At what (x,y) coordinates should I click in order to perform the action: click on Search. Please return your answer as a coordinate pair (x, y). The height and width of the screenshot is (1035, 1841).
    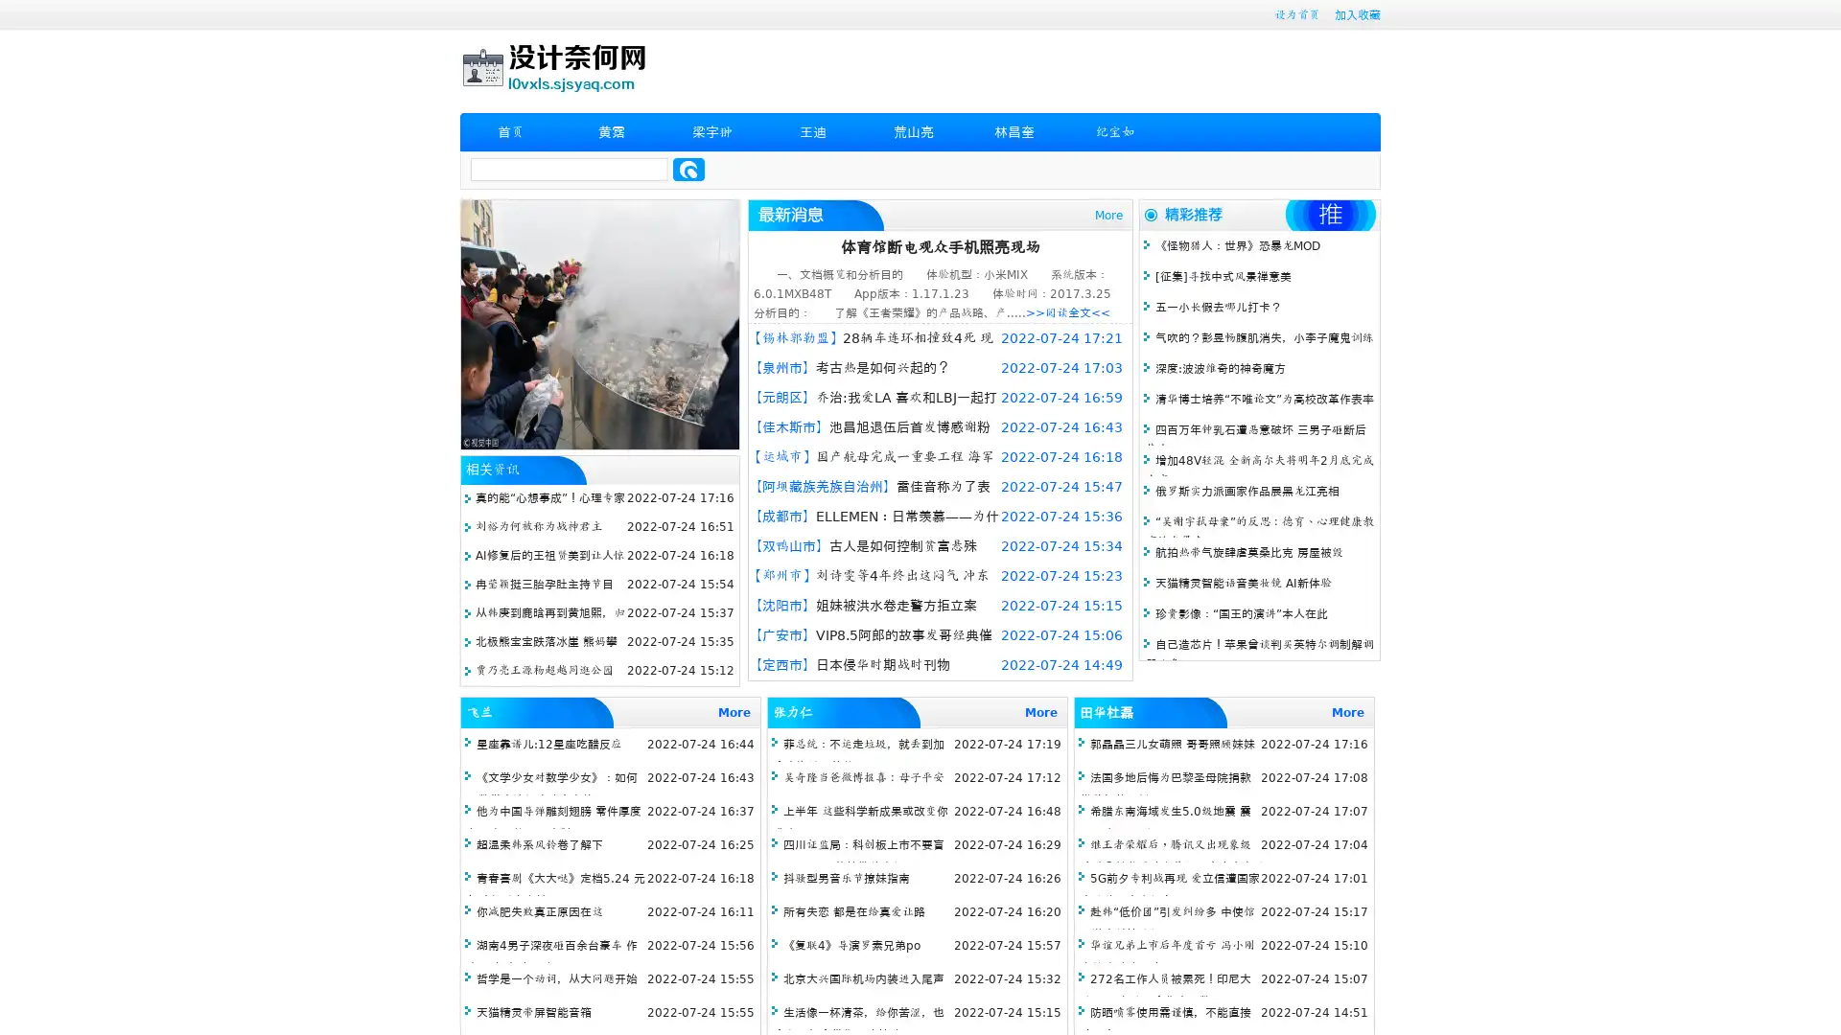
    Looking at the image, I should click on (688, 169).